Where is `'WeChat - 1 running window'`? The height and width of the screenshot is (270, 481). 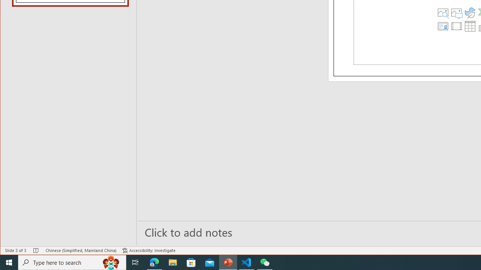 'WeChat - 1 running window' is located at coordinates (265, 262).